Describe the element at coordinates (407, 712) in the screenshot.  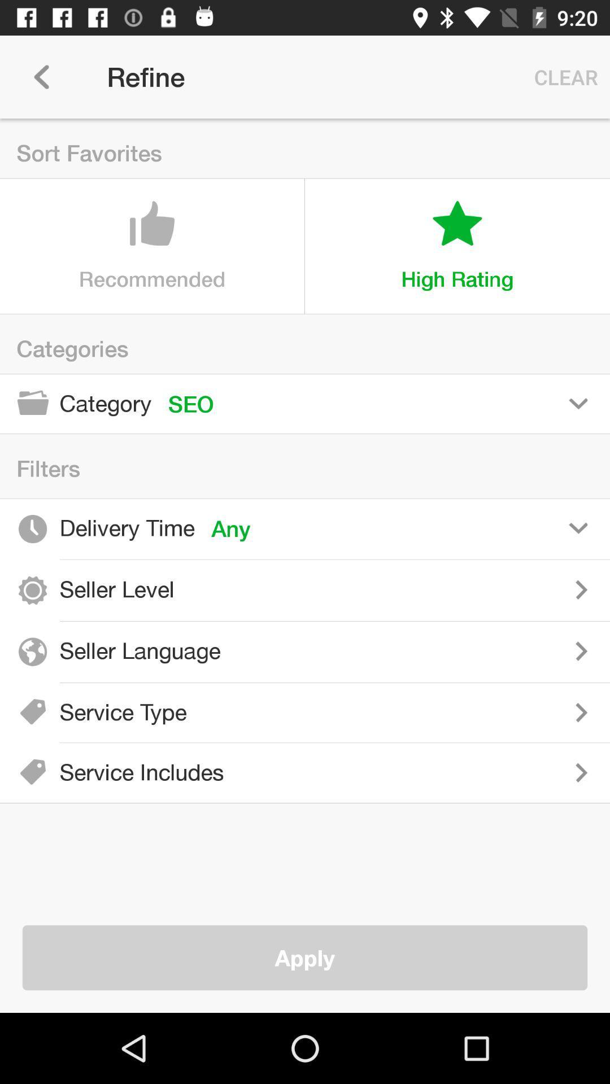
I see `service type filter options` at that location.